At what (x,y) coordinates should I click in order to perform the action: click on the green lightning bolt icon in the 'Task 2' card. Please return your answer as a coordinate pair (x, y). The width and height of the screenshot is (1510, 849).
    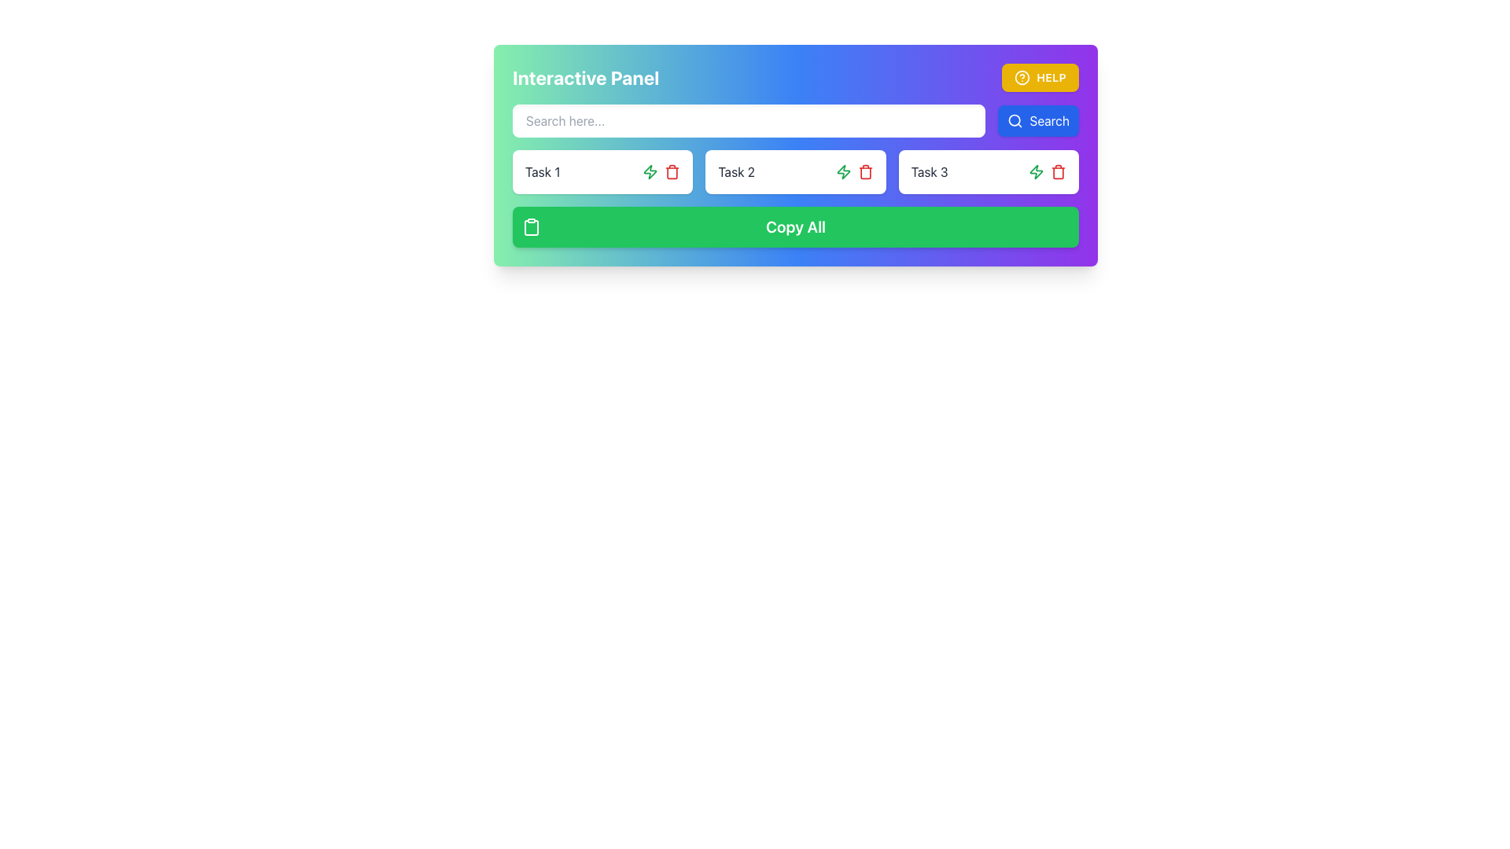
    Looking at the image, I should click on (853, 172).